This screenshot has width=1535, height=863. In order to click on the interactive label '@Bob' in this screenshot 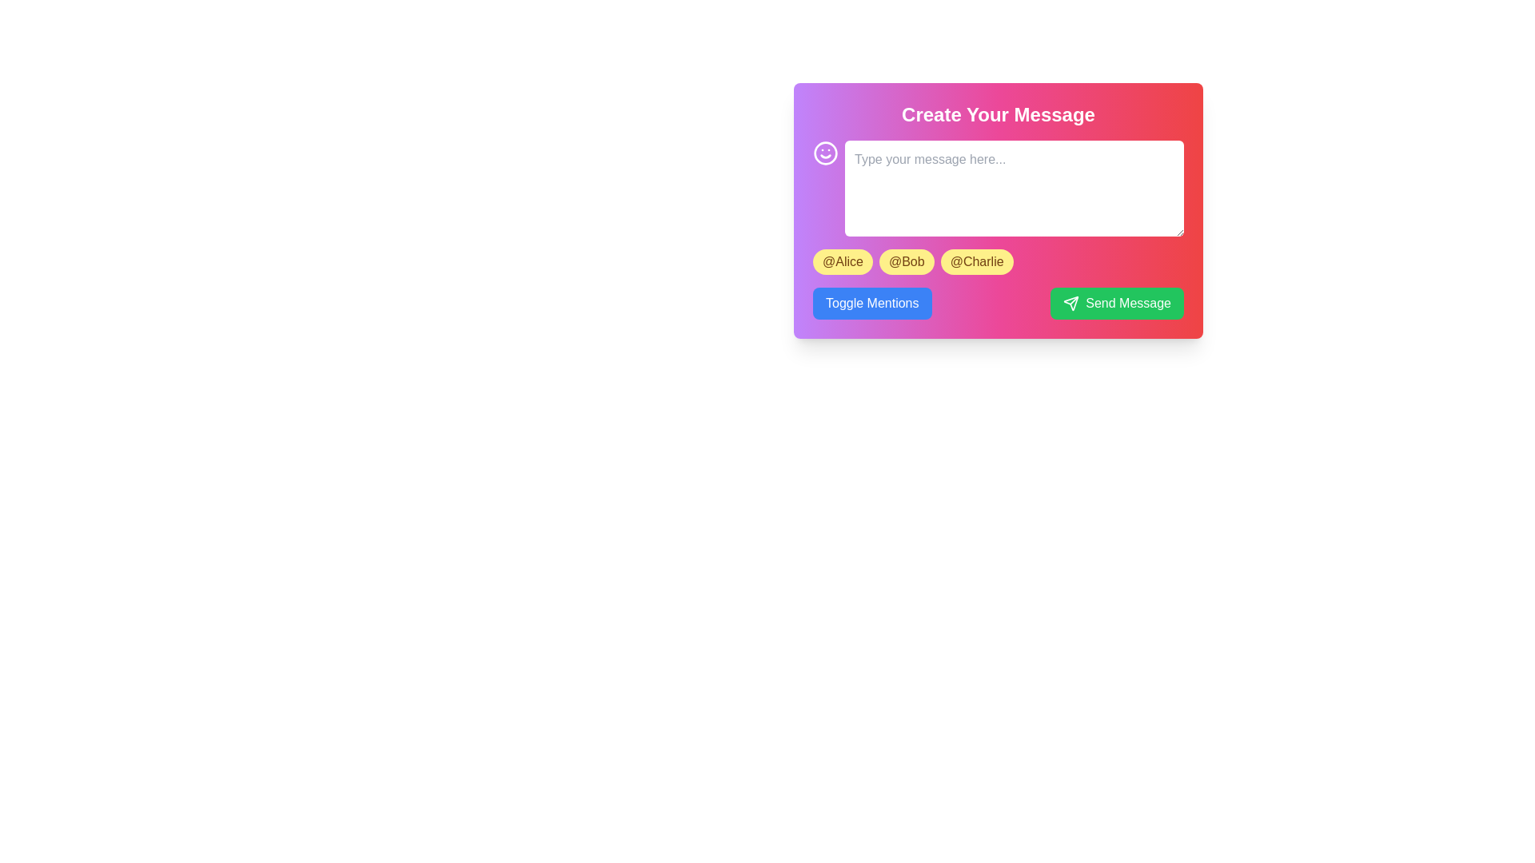, I will do `click(907, 260)`.